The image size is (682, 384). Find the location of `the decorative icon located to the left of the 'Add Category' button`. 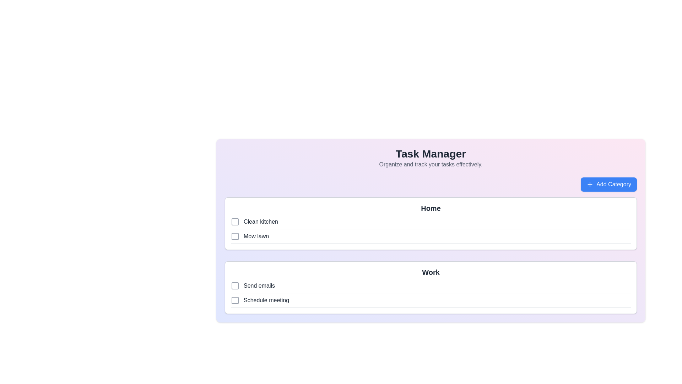

the decorative icon located to the left of the 'Add Category' button is located at coordinates (590, 184).